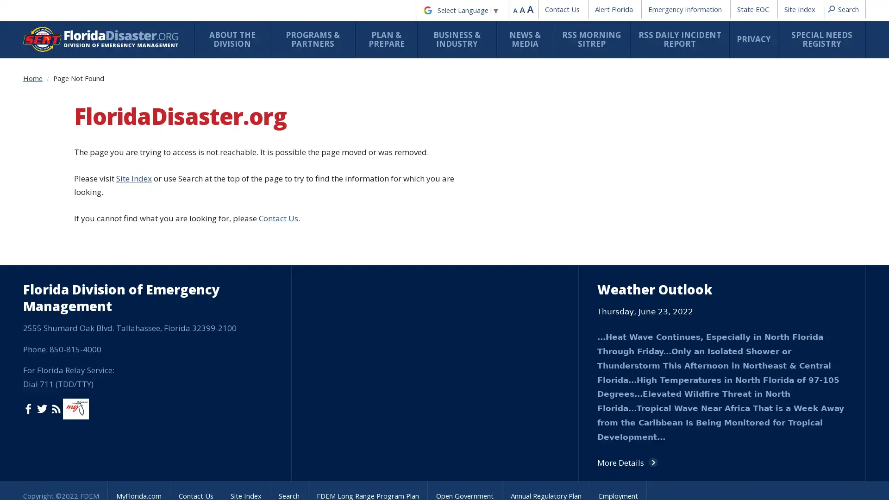  Describe the element at coordinates (371, 123) in the screenshot. I see `Toggle More` at that location.